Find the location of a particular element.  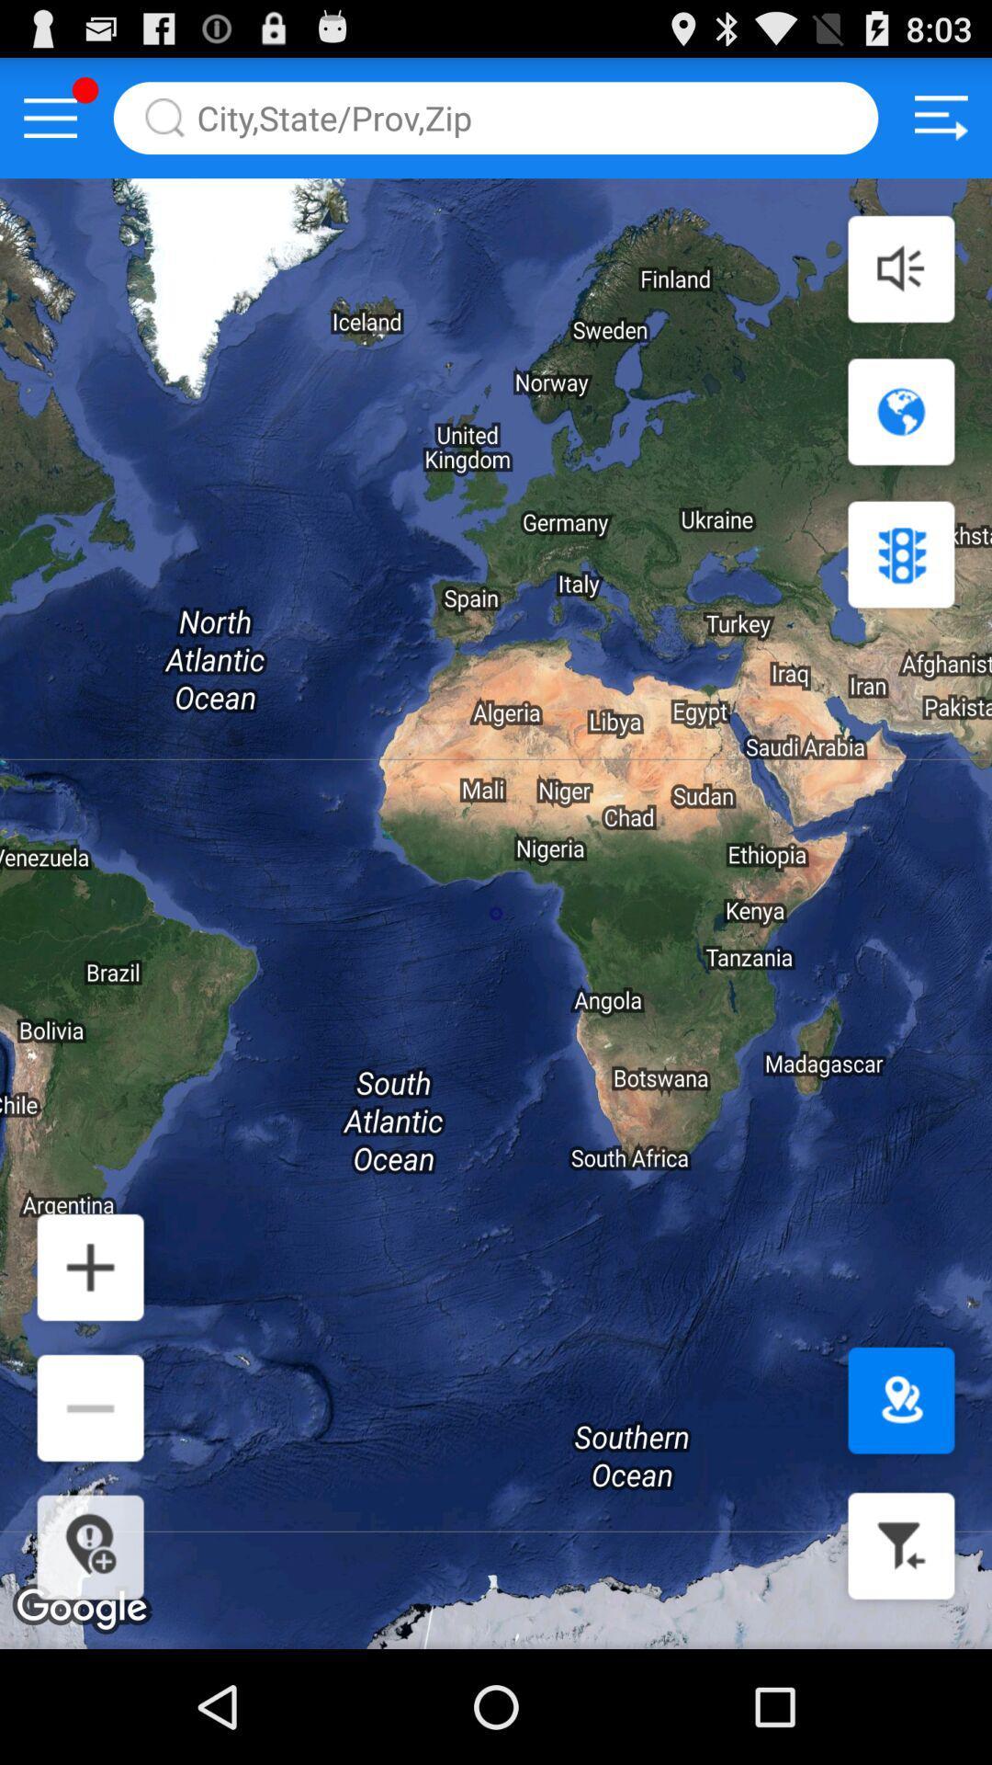

add option is located at coordinates (90, 1266).